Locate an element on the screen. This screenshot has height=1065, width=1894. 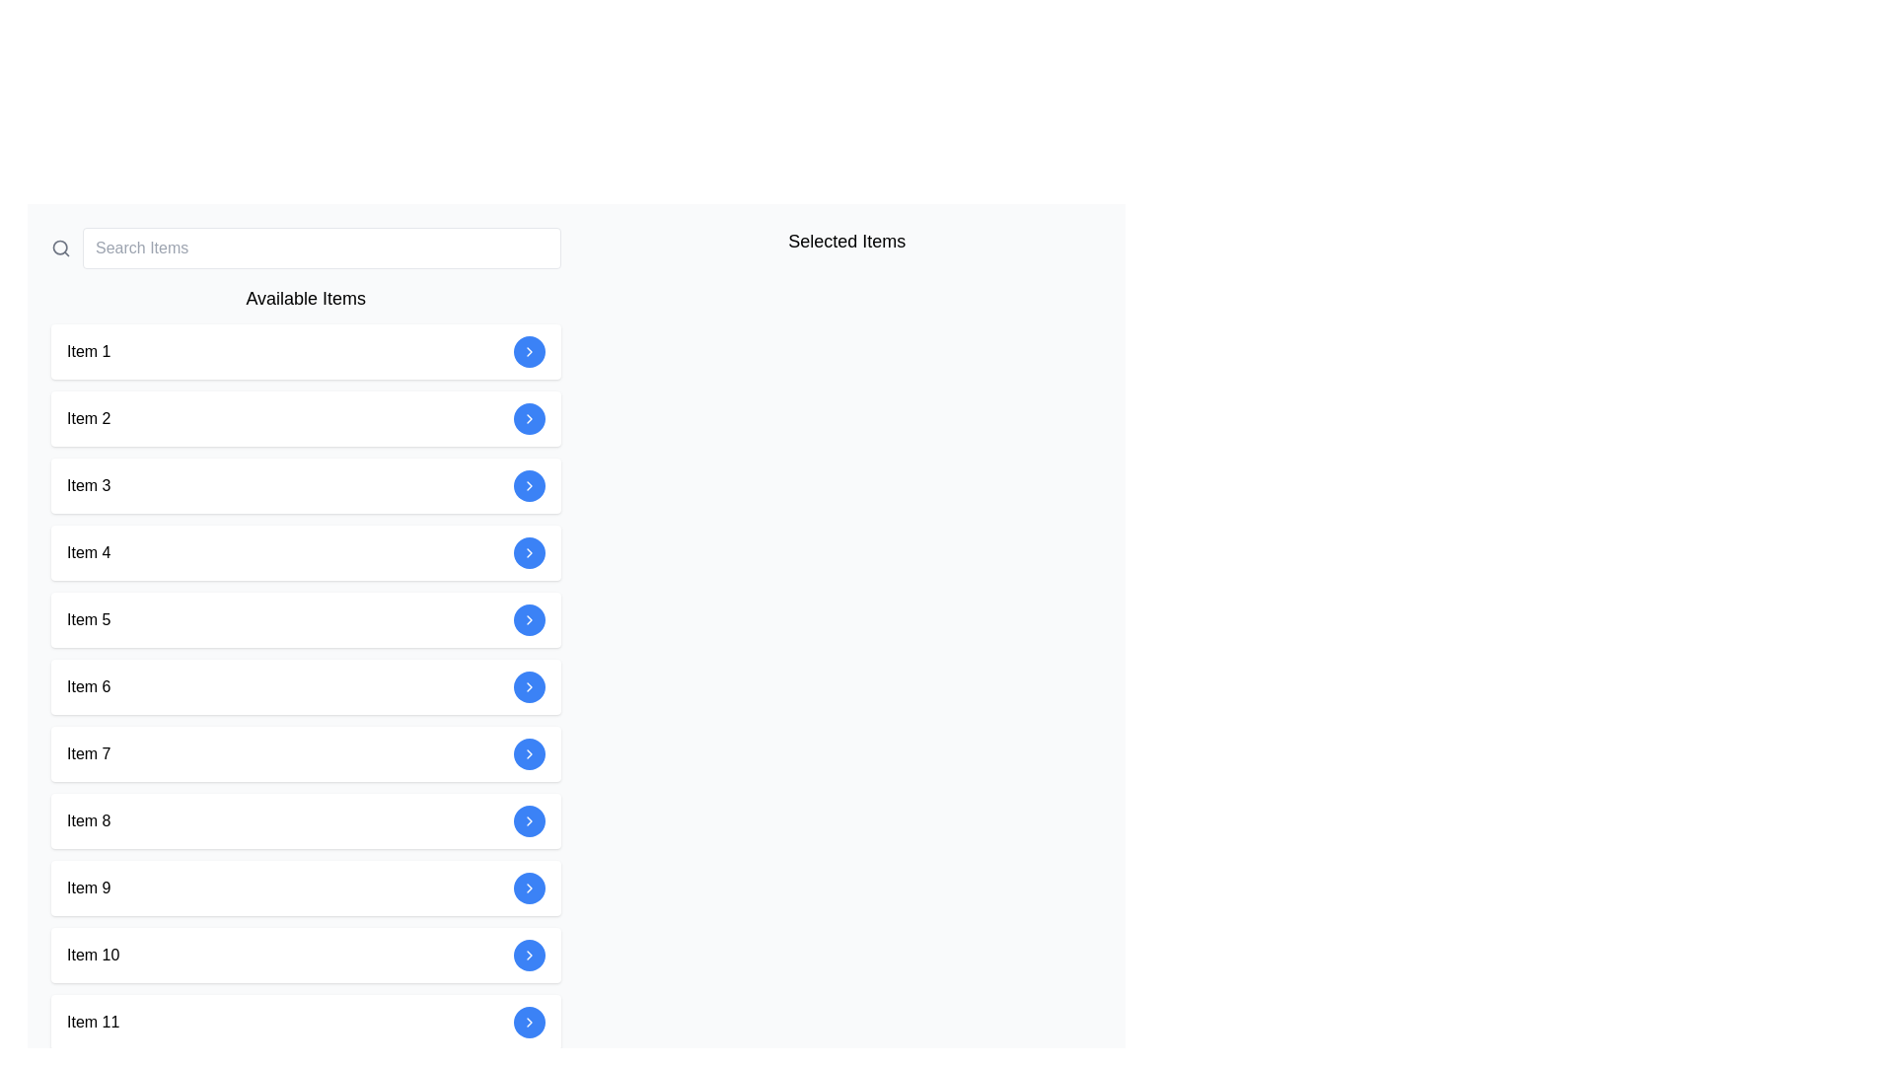
the circular blue button icon located to the right of 'Item 10' is located at coordinates (529, 954).